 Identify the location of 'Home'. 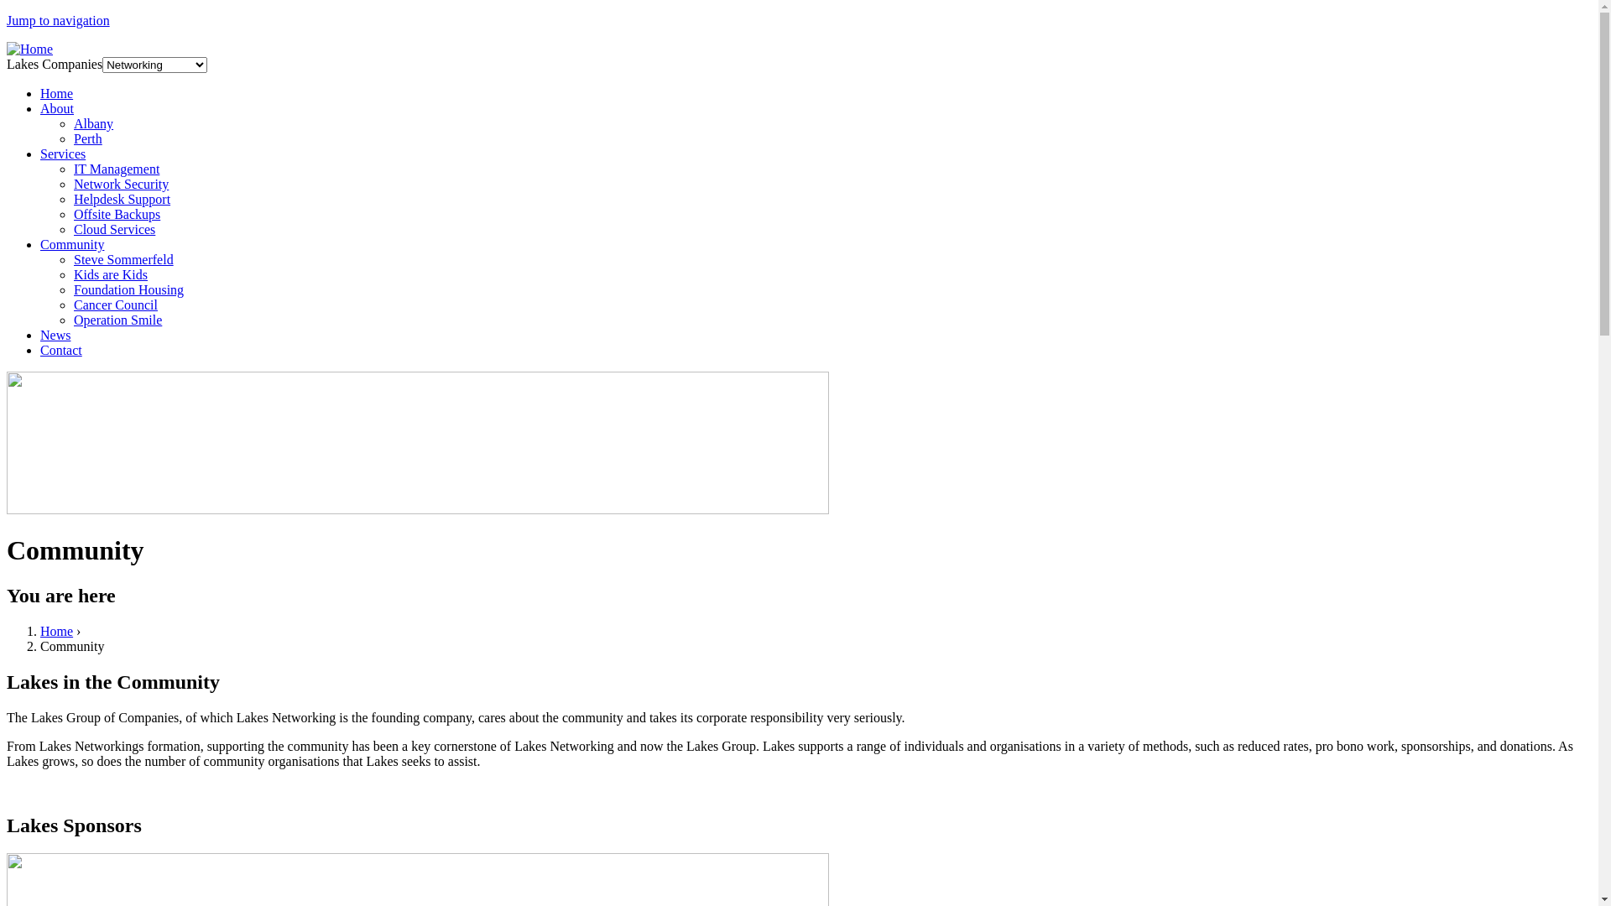
(56, 93).